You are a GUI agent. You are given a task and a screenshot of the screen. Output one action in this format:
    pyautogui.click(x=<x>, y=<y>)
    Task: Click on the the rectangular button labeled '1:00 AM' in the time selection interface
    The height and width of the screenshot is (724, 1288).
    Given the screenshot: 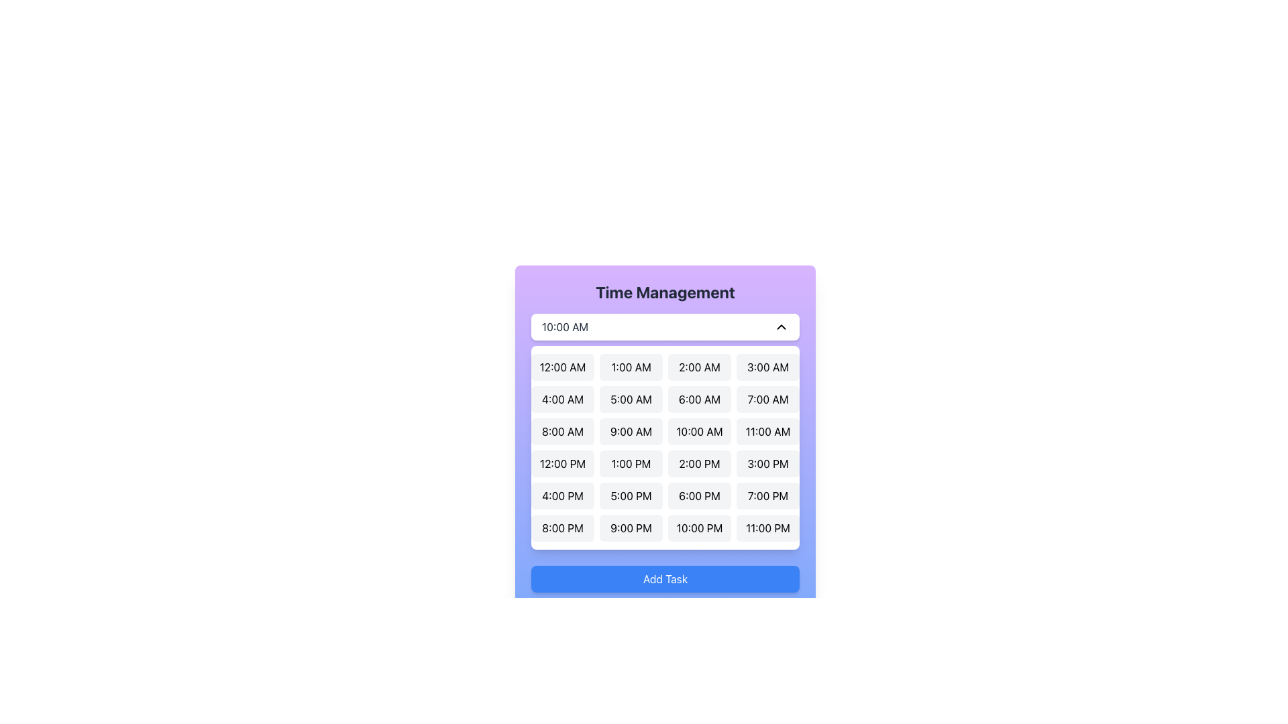 What is the action you would take?
    pyautogui.click(x=630, y=367)
    